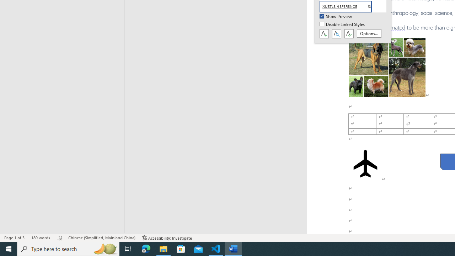 This screenshot has width=455, height=256. I want to click on 'Disable Linked Styles', so click(343, 24).